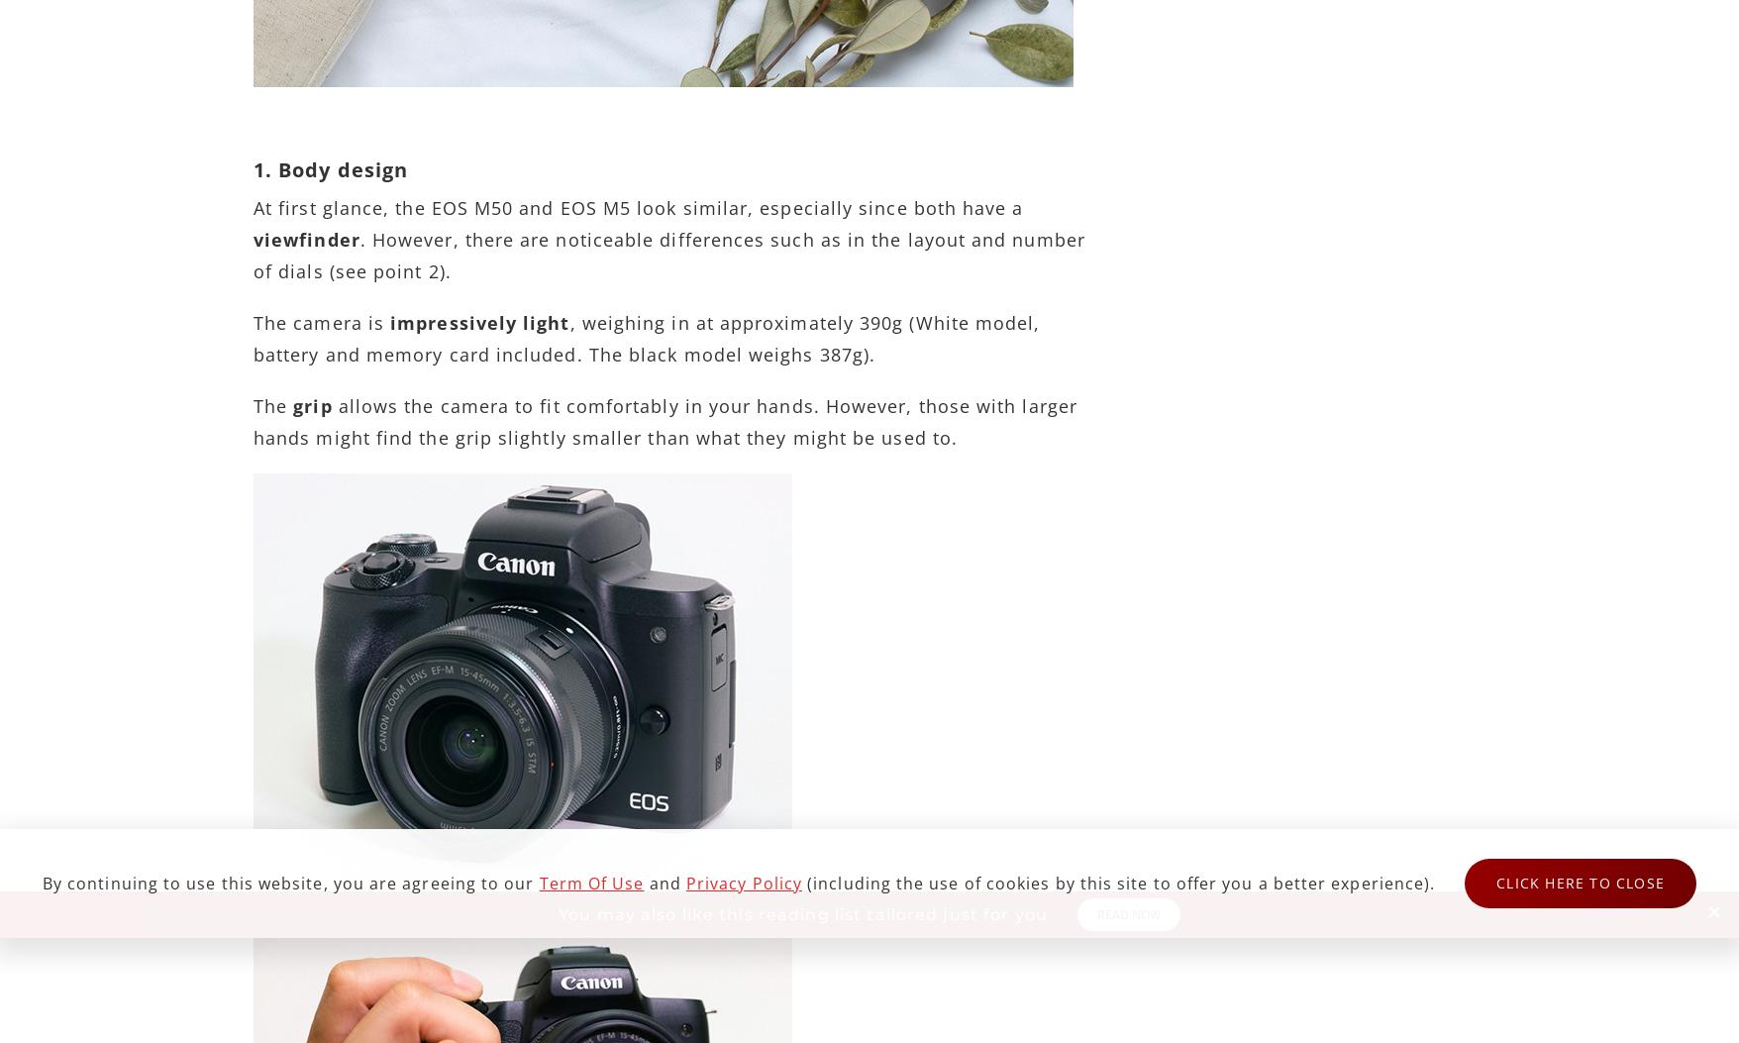 The width and height of the screenshot is (1739, 1043). I want to click on '(including the use of cookies by this site to offer you a better experience).', so click(801, 883).